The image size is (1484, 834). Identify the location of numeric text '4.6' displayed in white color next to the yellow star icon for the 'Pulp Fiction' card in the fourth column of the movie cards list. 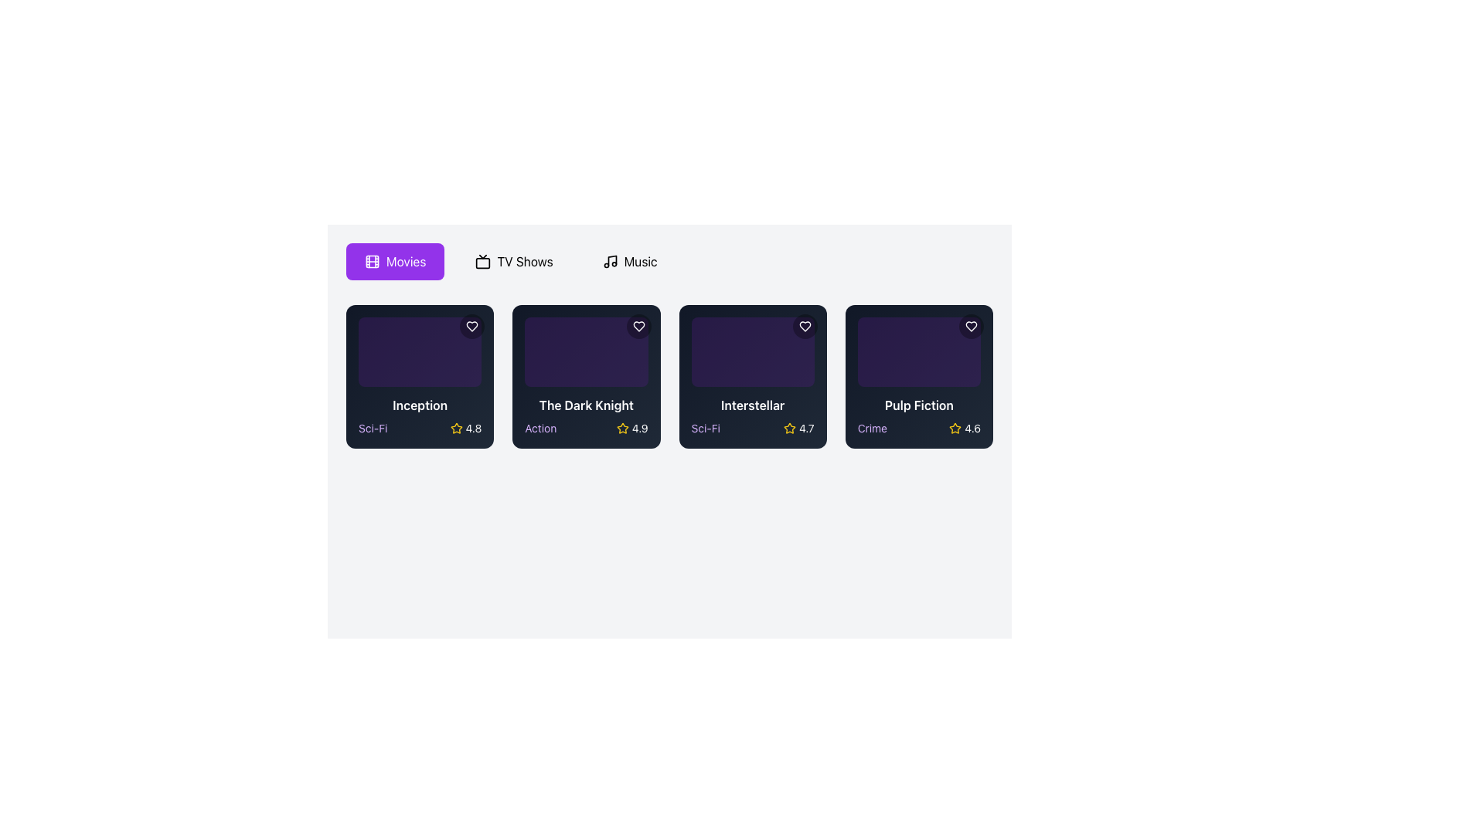
(972, 428).